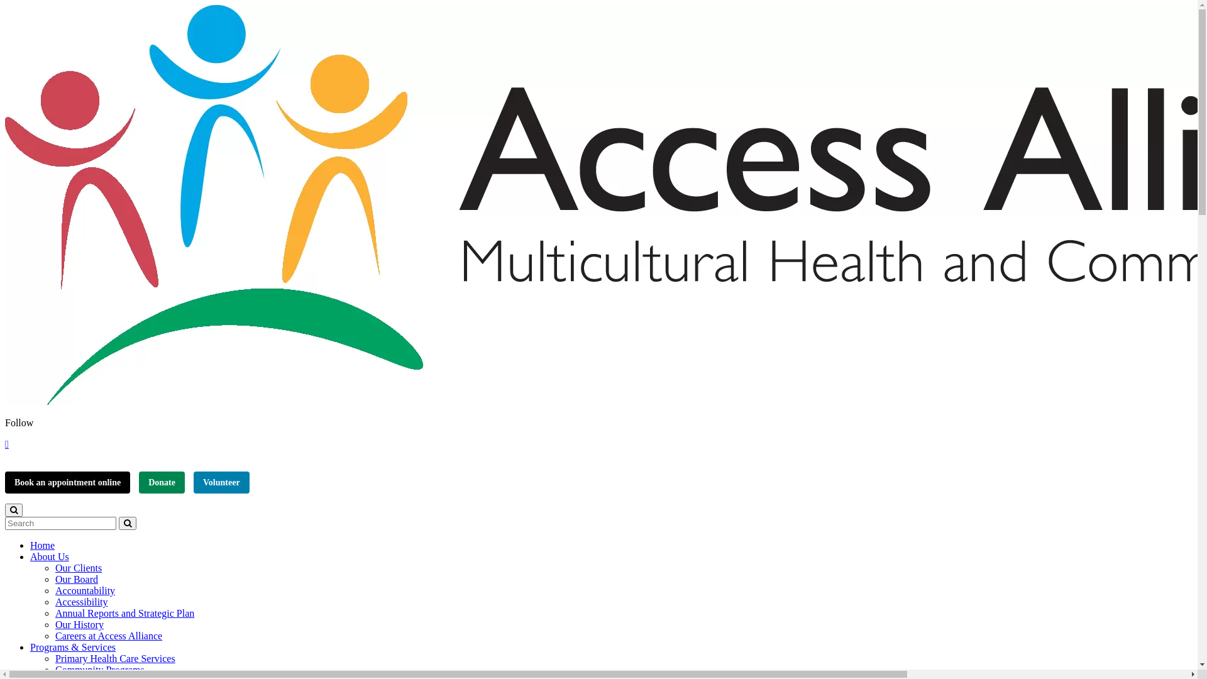 The width and height of the screenshot is (1207, 679). Describe the element at coordinates (54, 636) in the screenshot. I see `'Careers at Access Alliance'` at that location.